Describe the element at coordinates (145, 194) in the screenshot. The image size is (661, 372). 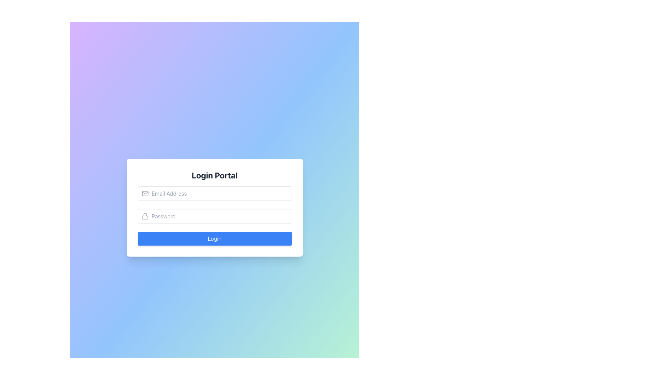
I see `the rectangular icon background component of the mail icon within the email input field of the login form` at that location.